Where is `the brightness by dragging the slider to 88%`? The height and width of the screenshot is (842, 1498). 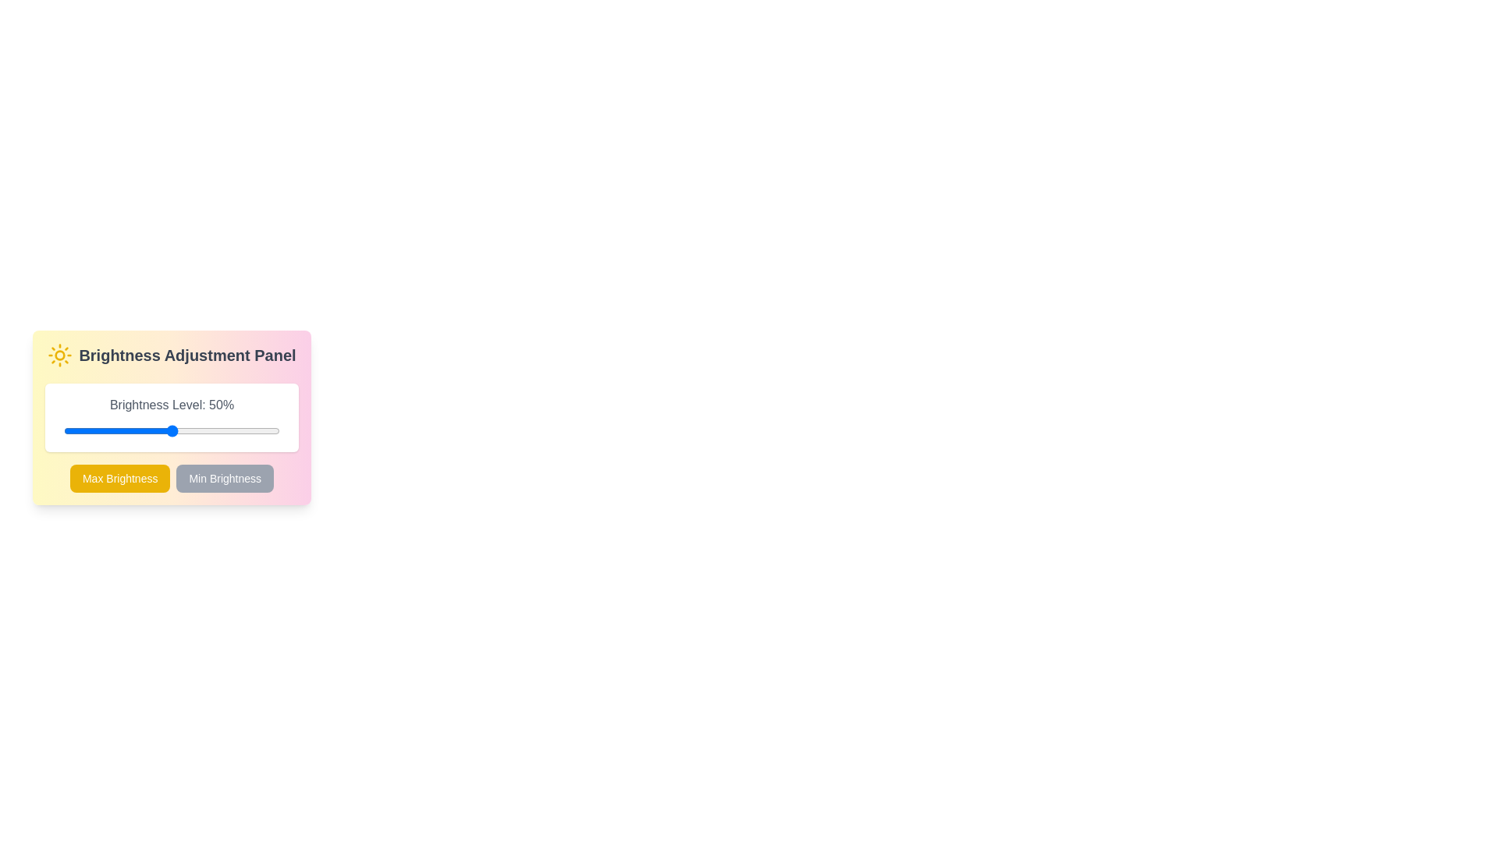
the brightness by dragging the slider to 88% is located at coordinates (254, 430).